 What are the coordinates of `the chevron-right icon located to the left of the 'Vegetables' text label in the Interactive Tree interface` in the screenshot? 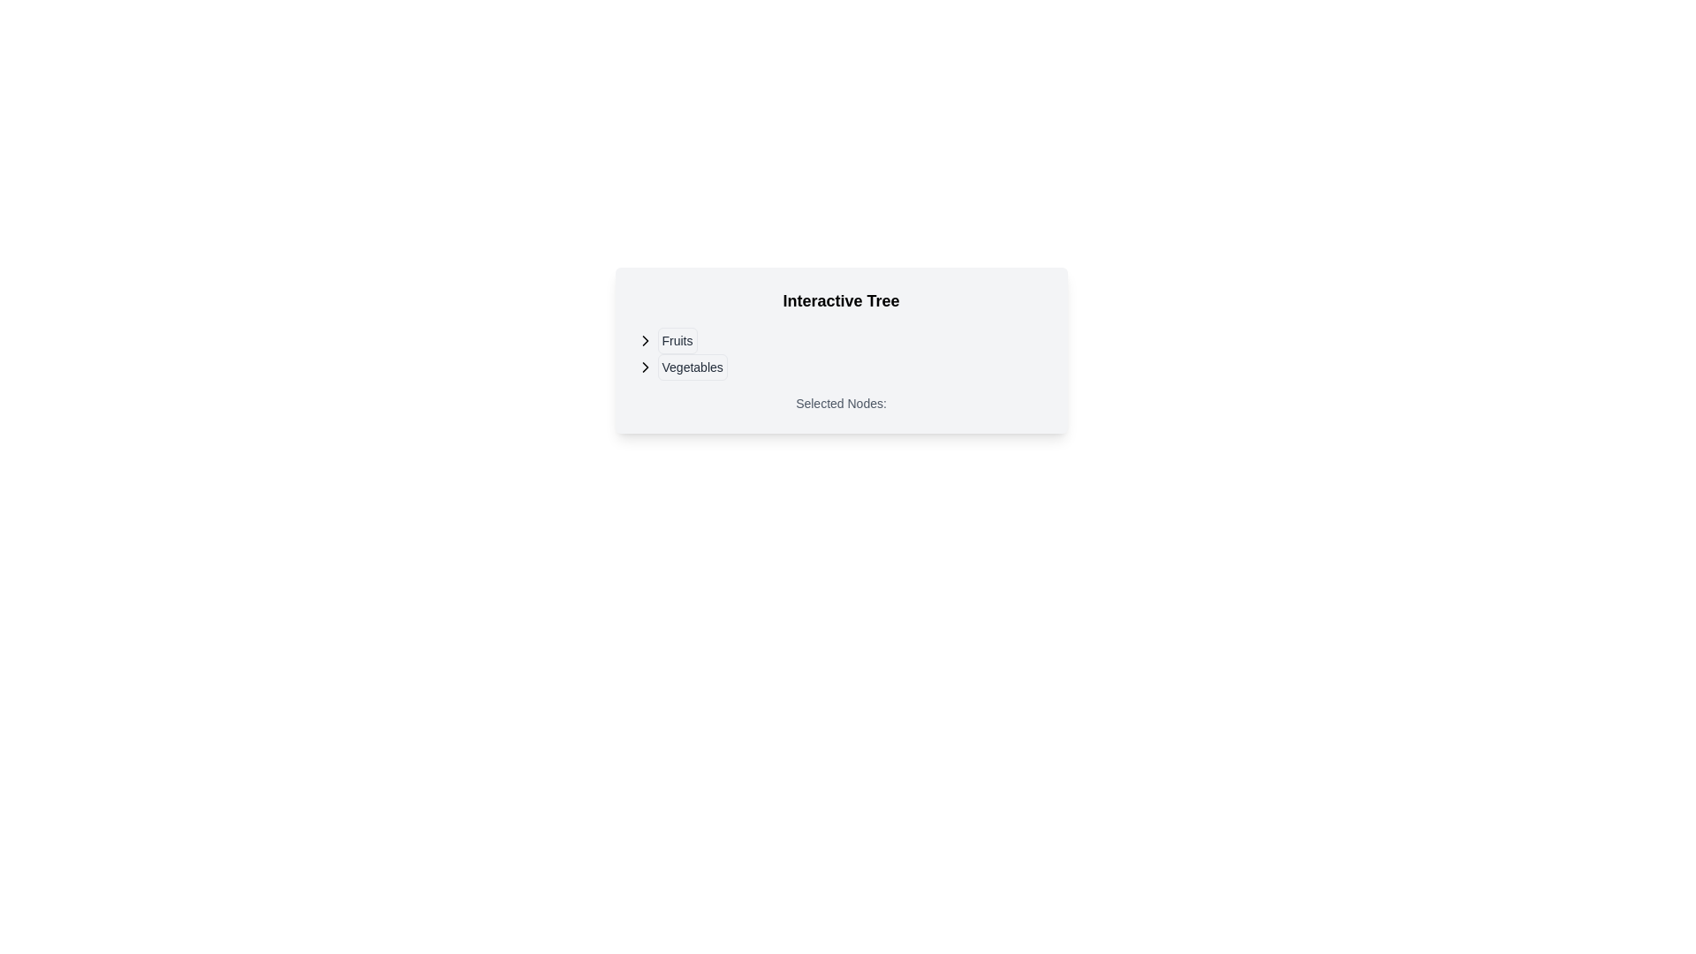 It's located at (644, 367).